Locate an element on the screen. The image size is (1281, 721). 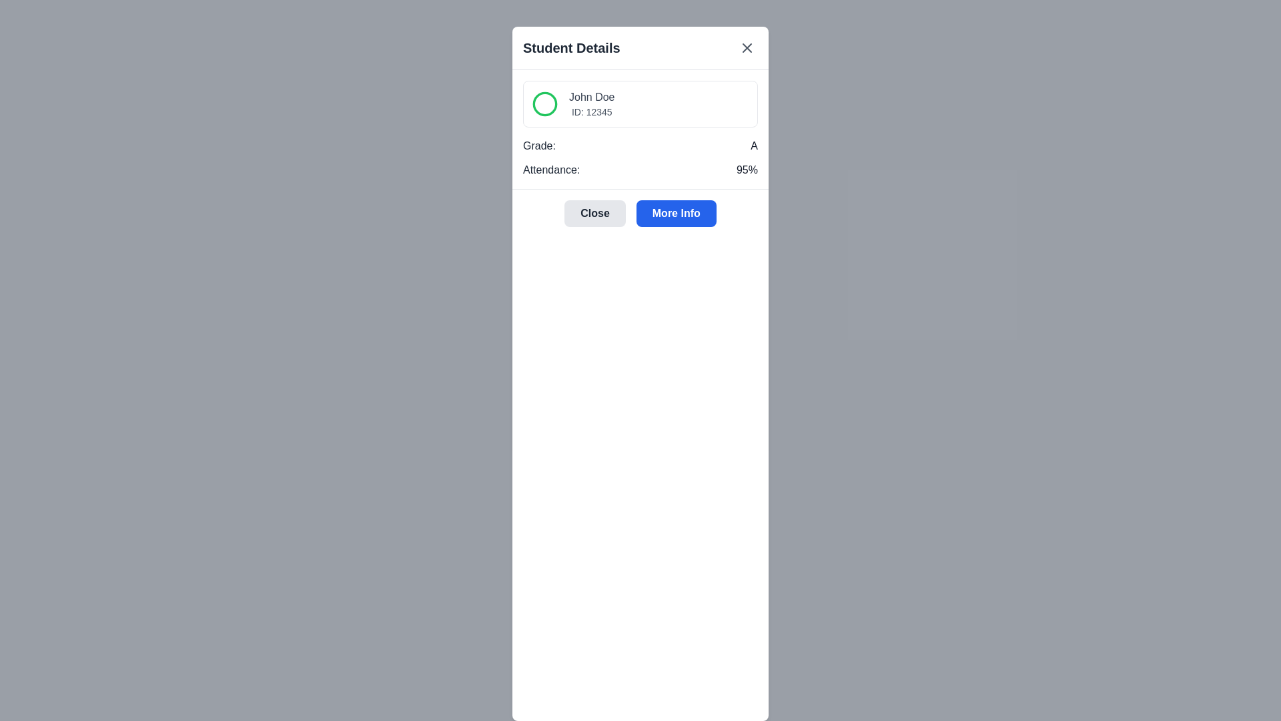
the close button located at the top-right corner of the 'Student Details' modal header is located at coordinates (746, 47).